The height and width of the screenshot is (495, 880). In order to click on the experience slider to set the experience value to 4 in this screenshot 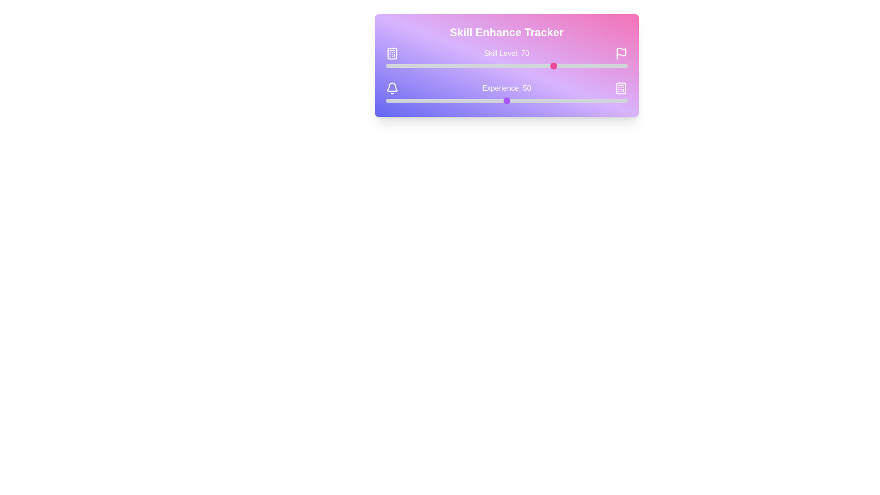, I will do `click(395, 100)`.